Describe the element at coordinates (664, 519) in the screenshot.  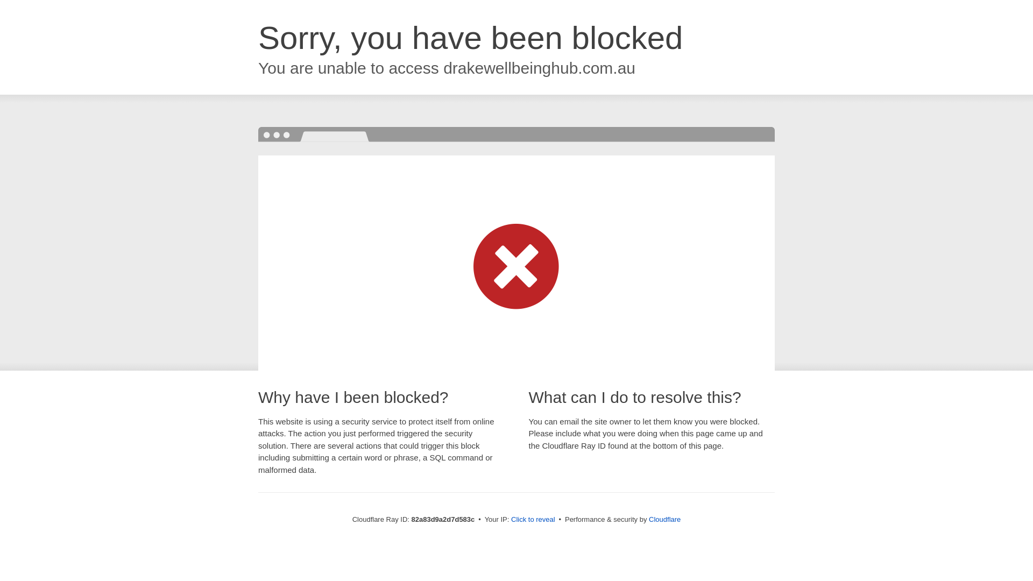
I see `'Cloudflare'` at that location.